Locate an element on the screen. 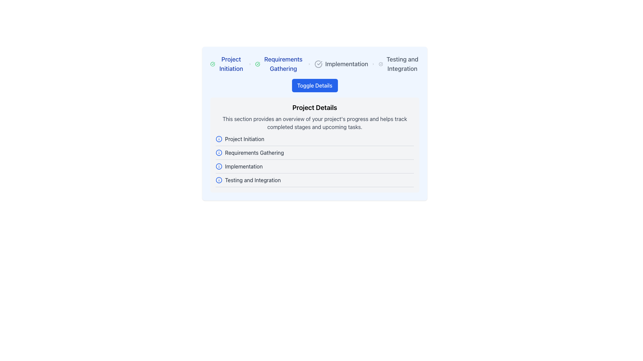 Image resolution: width=643 pixels, height=361 pixels. the Structured Section that displays an overview of the project's details, including its progress and key stages, located beneath the 'Toggle Details' button is located at coordinates (314, 135).